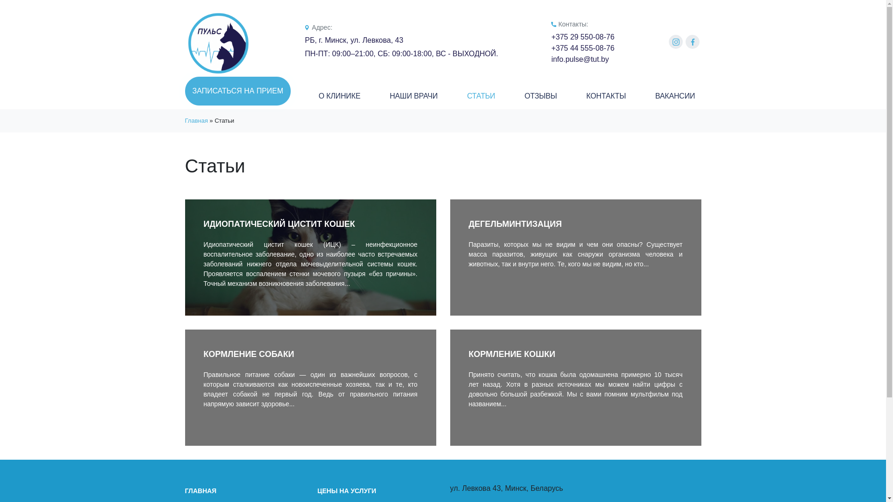 Image resolution: width=893 pixels, height=502 pixels. What do you see at coordinates (582, 59) in the screenshot?
I see `'info.pulse@tut.by'` at bounding box center [582, 59].